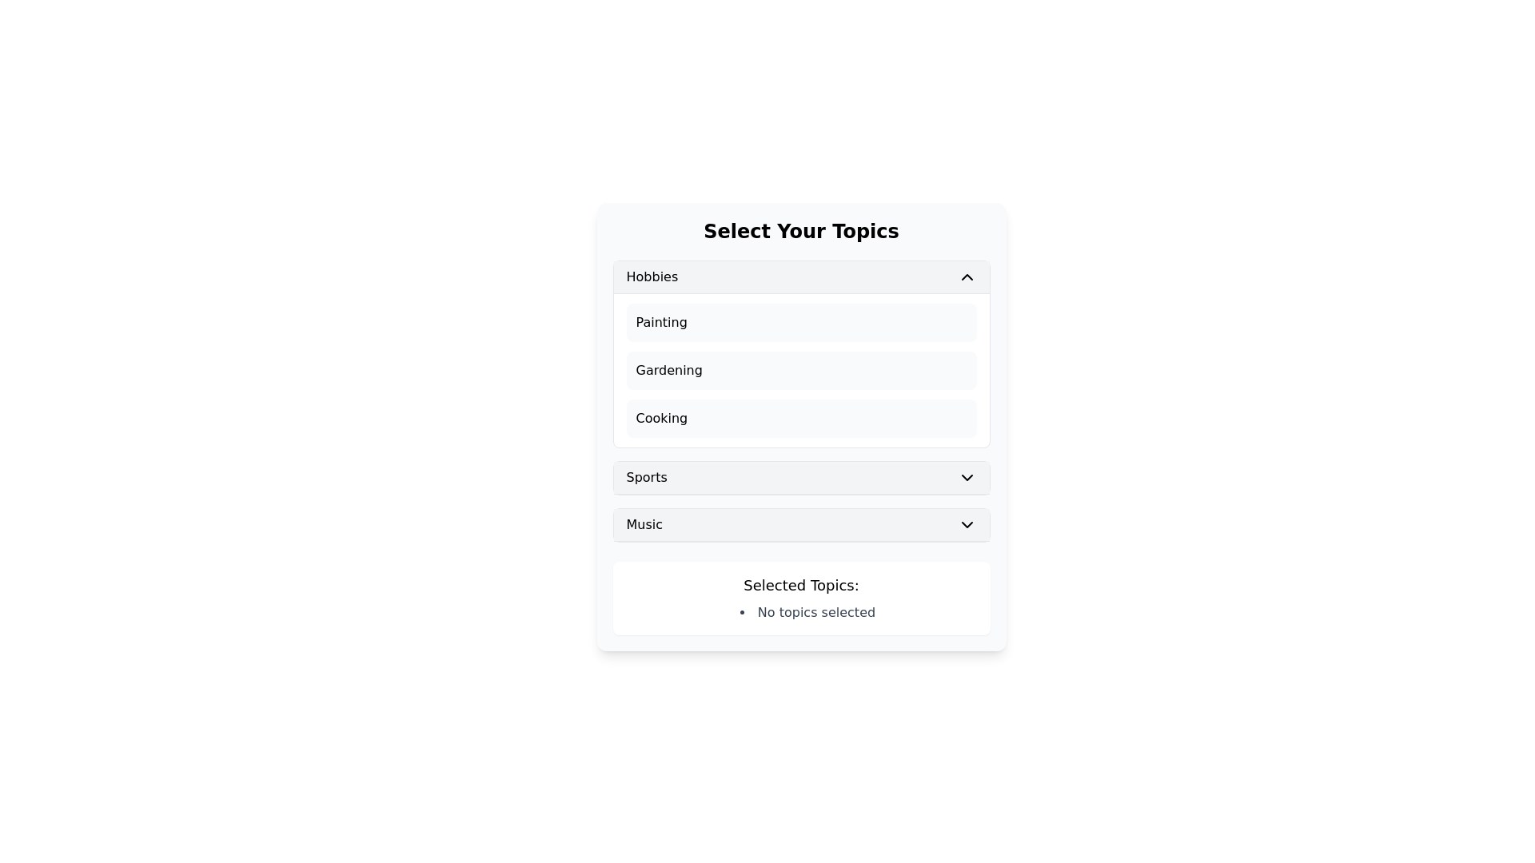  Describe the element at coordinates (801, 525) in the screenshot. I see `the collapsible list item labeled 'Music'` at that location.